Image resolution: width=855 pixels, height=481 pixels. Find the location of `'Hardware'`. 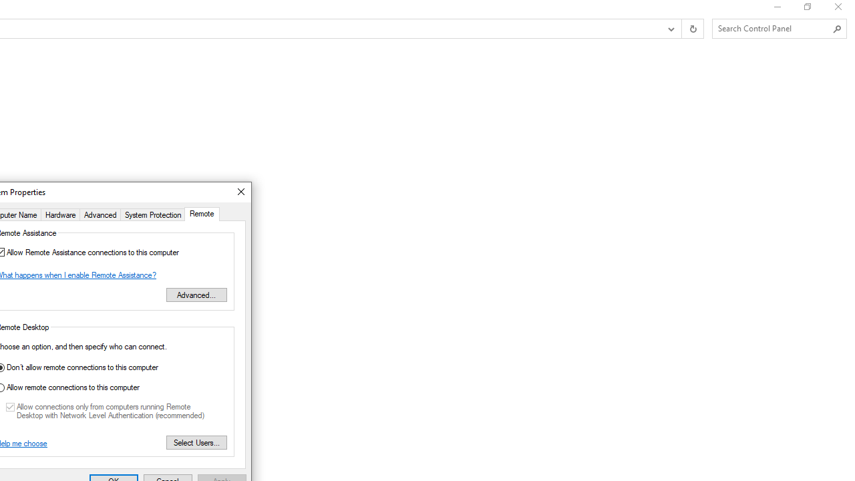

'Hardware' is located at coordinates (59, 213).